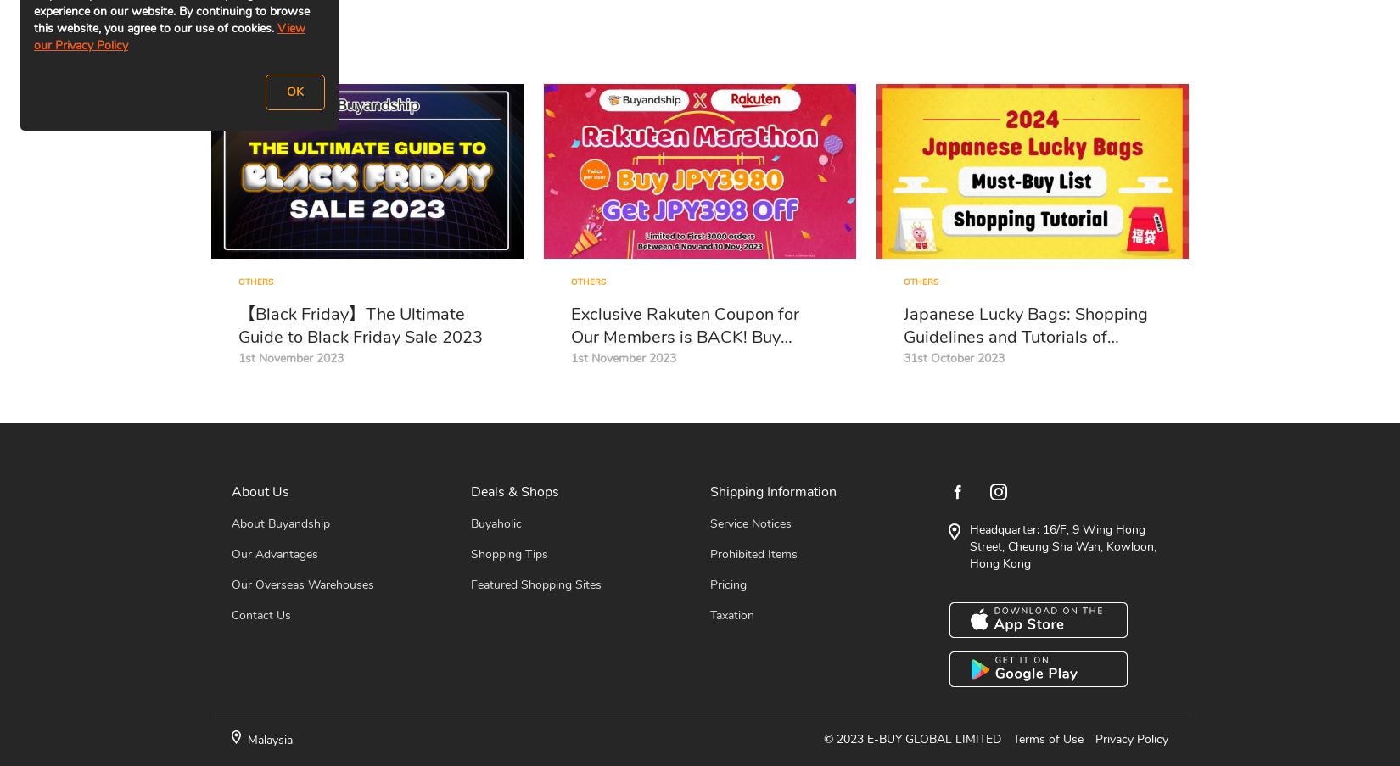 The height and width of the screenshot is (766, 1400). I want to click on 'Our Advantages', so click(275, 553).